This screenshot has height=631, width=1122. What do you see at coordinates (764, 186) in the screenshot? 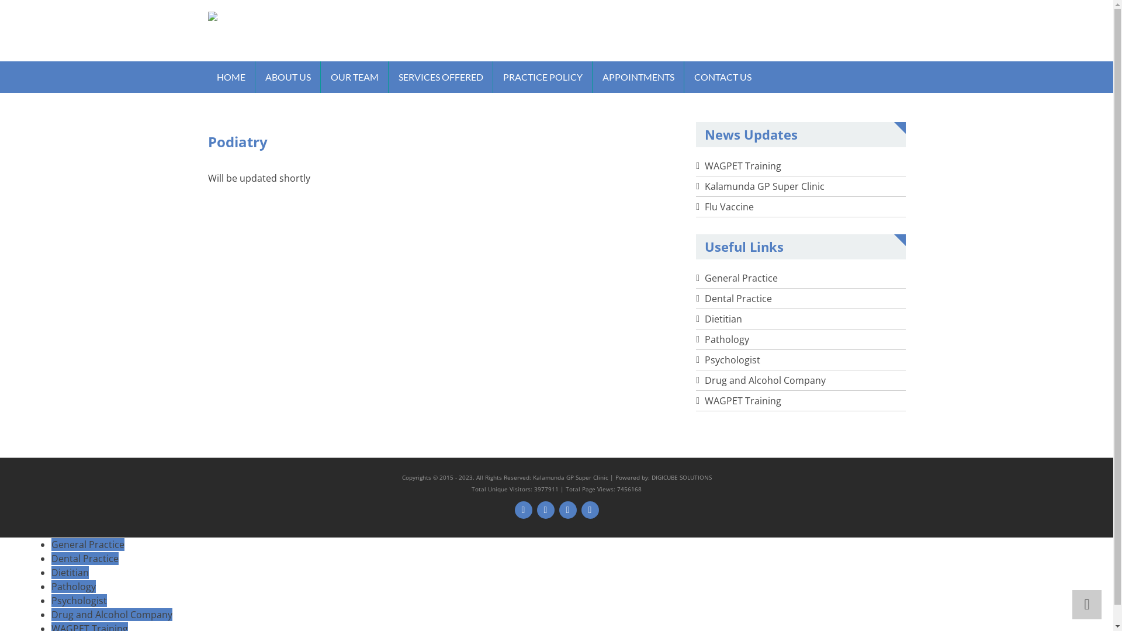
I see `'Kalamunda GP Super Clinic'` at bounding box center [764, 186].